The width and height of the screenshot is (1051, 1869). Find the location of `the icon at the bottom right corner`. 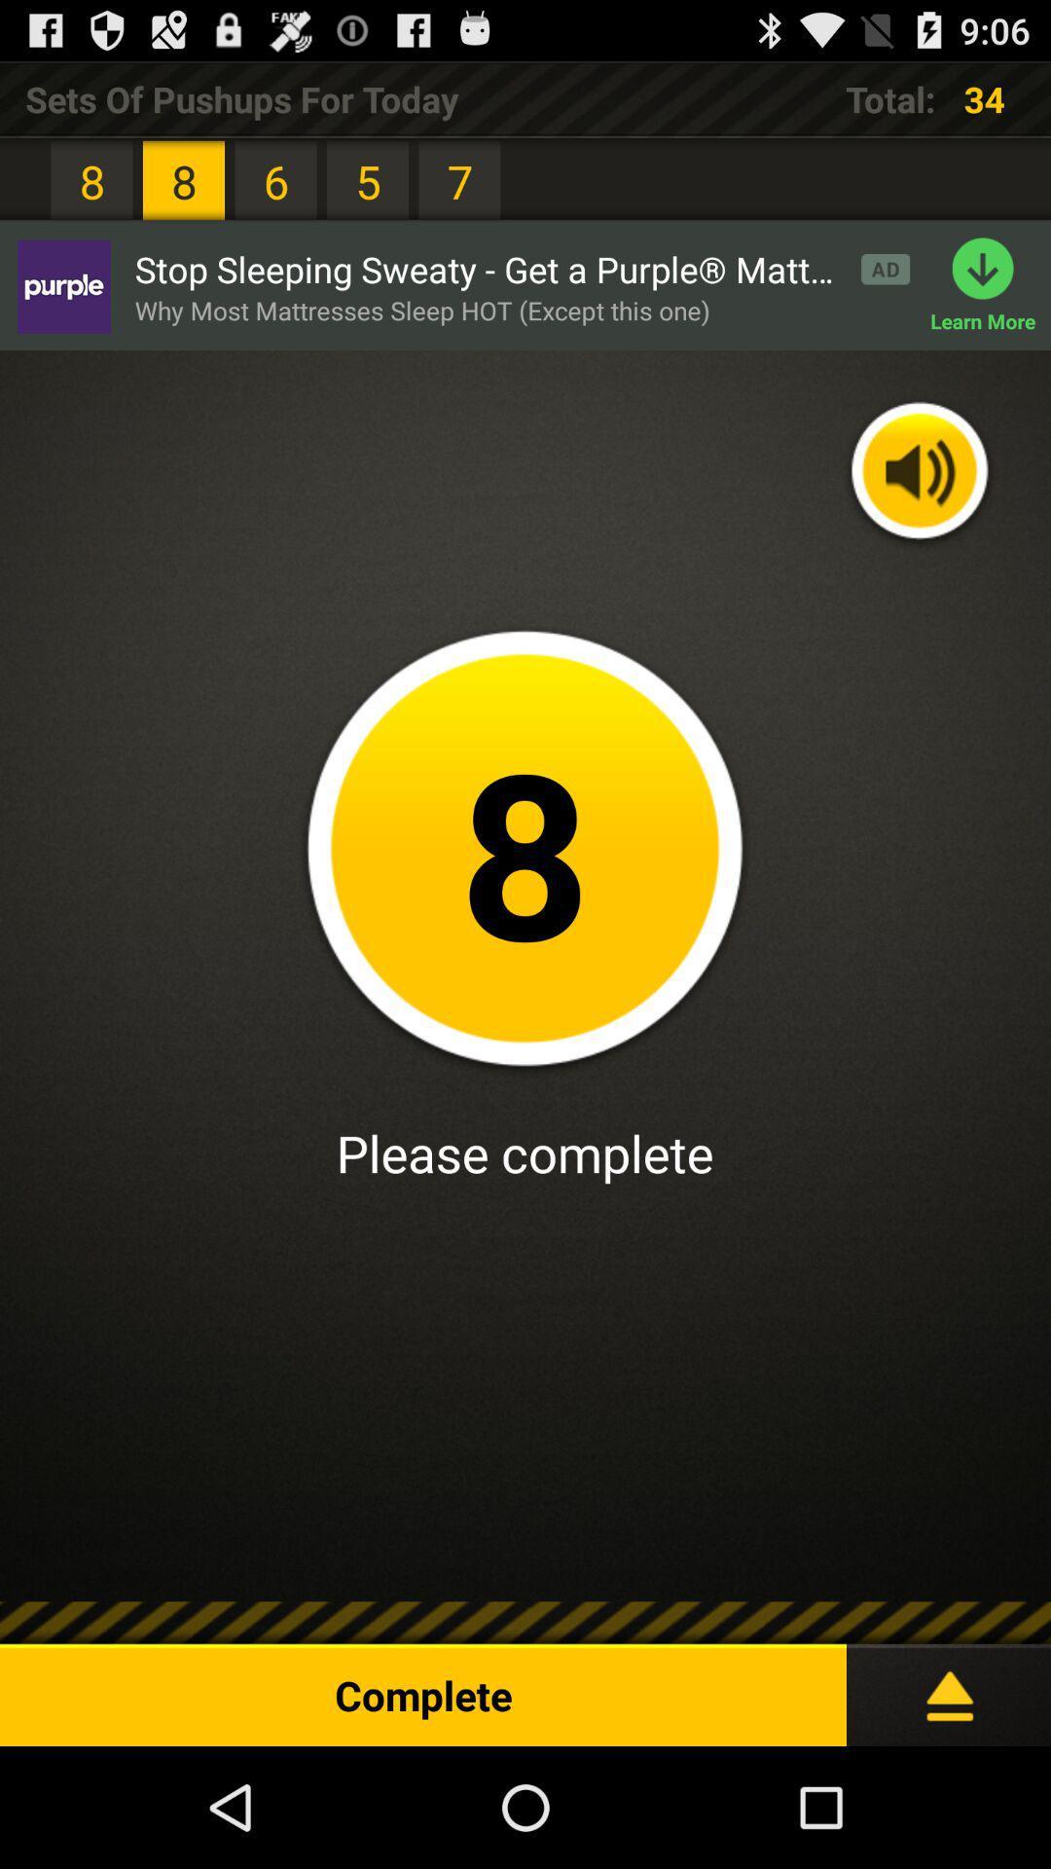

the icon at the bottom right corner is located at coordinates (948, 1686).